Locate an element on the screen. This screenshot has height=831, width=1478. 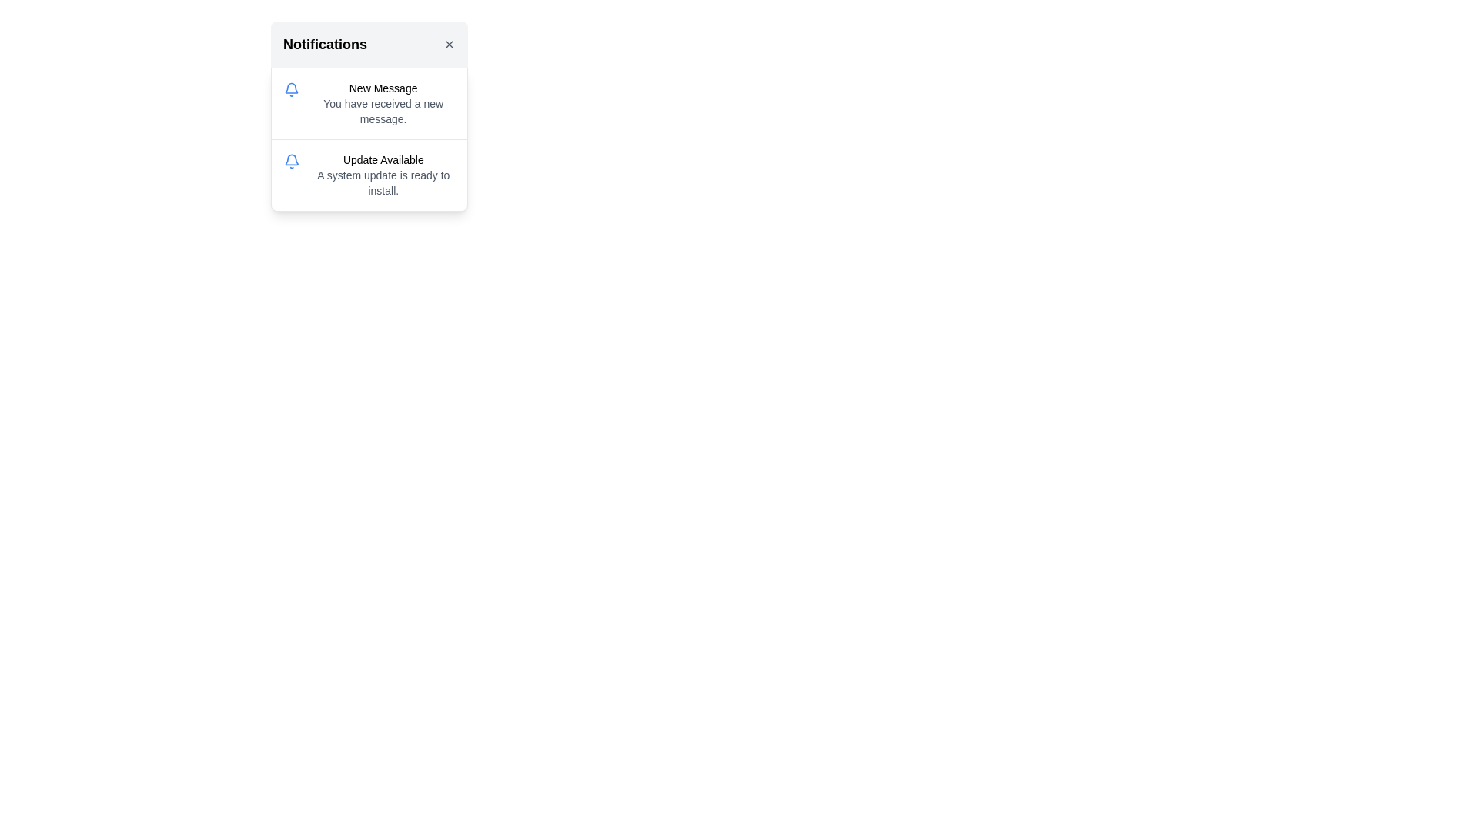
the text block notifying users about an available system update, which is located in the second notification block of the notification dropdown, directly below the 'New Message' title is located at coordinates (383, 174).